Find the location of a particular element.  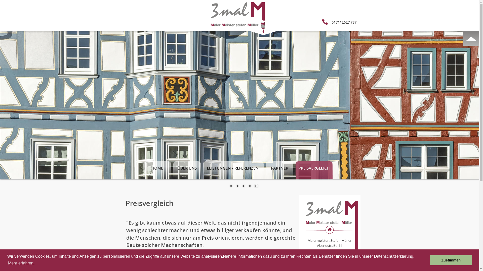

'0171' is located at coordinates (336, 22).